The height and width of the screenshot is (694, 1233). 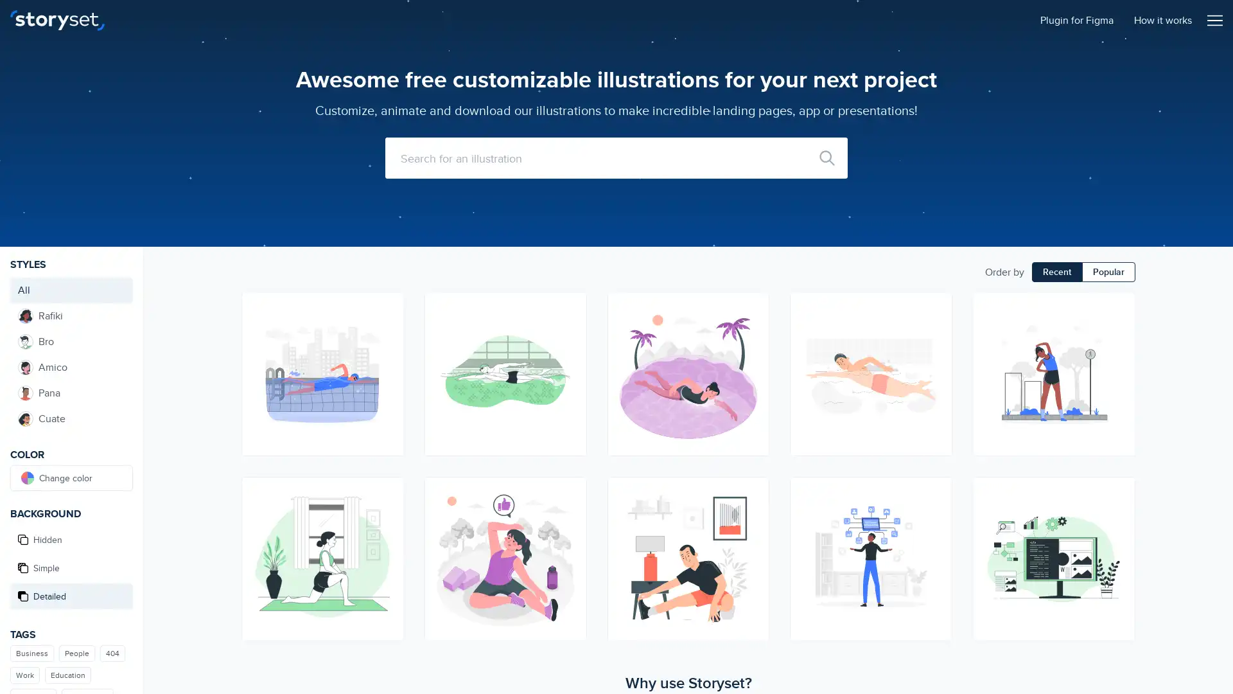 What do you see at coordinates (570, 354) in the screenshot?
I see `Pinterest icon Save` at bounding box center [570, 354].